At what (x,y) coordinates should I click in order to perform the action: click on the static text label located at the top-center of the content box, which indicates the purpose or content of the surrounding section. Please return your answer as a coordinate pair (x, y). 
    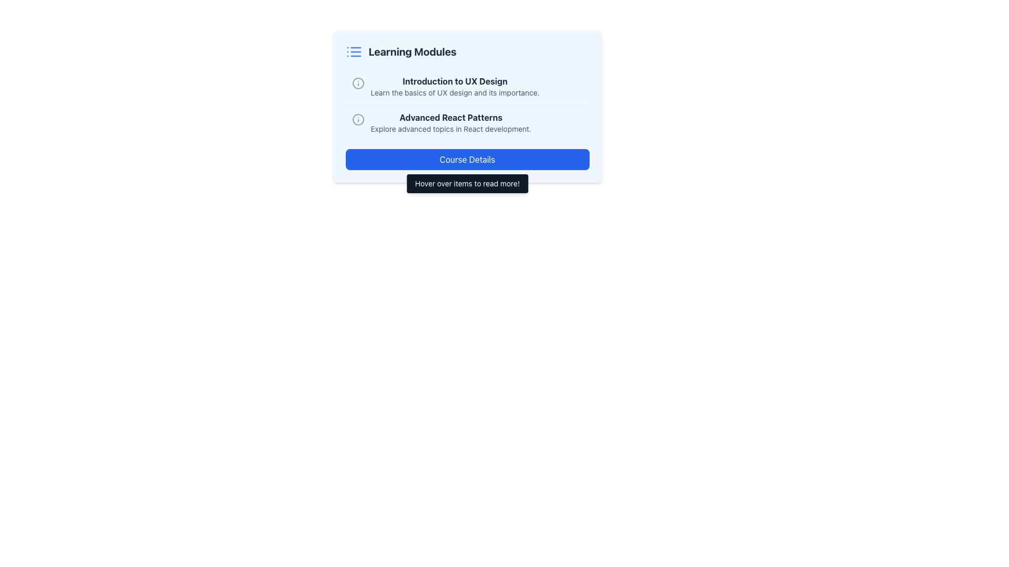
    Looking at the image, I should click on (412, 52).